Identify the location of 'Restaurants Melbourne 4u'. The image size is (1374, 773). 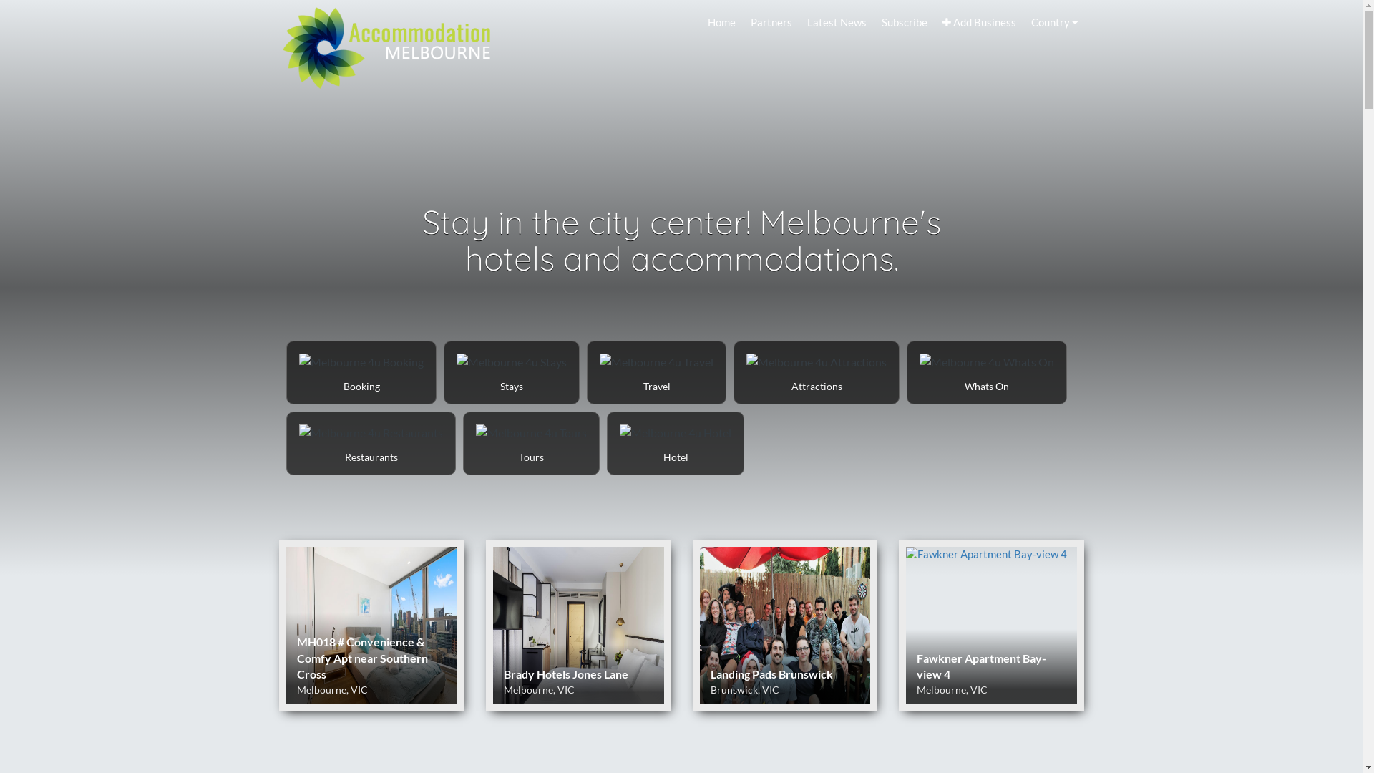
(371, 442).